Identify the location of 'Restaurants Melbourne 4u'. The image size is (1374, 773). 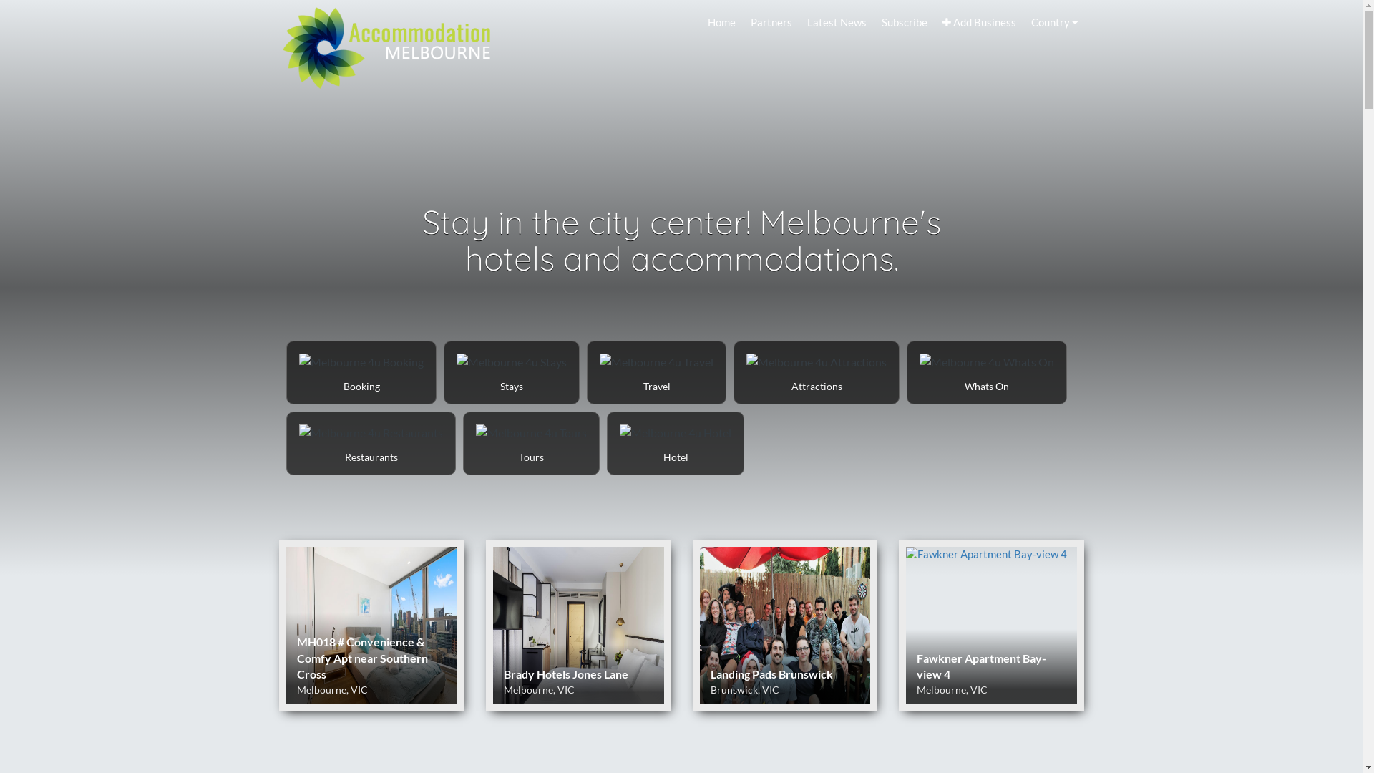
(371, 442).